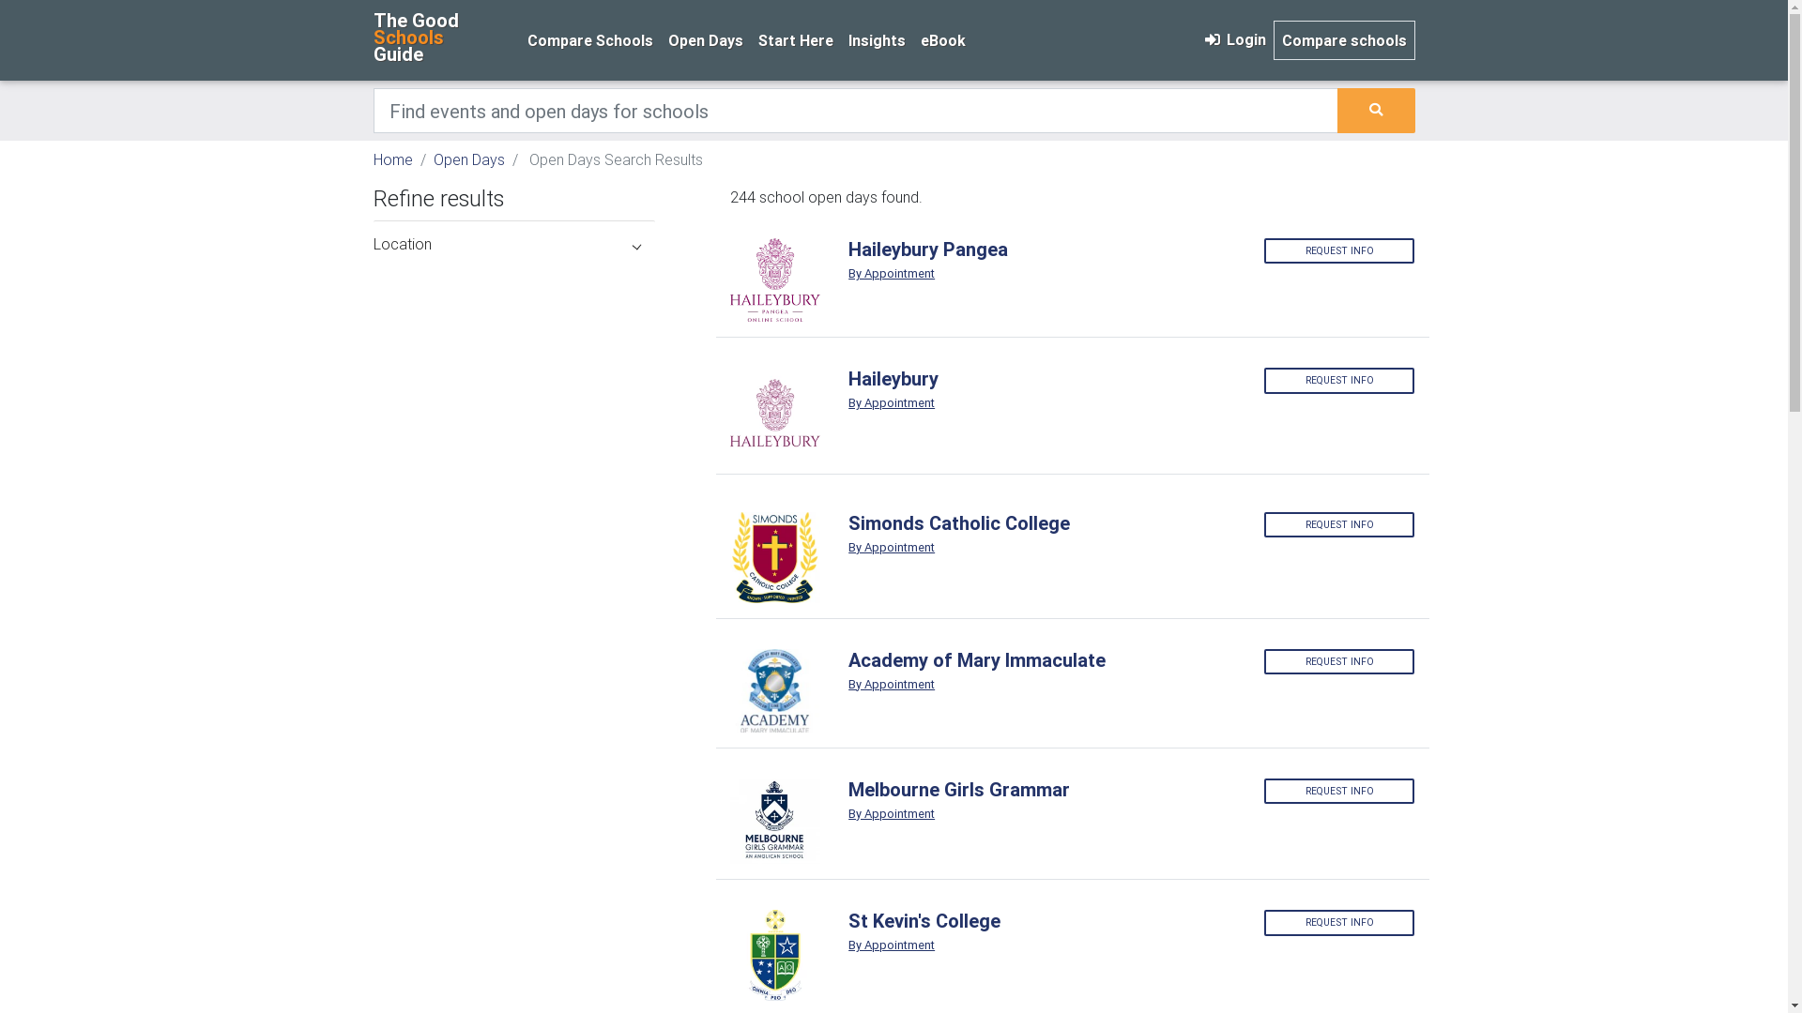 This screenshot has height=1013, width=1802. Describe the element at coordinates (391, 158) in the screenshot. I see `'Home'` at that location.